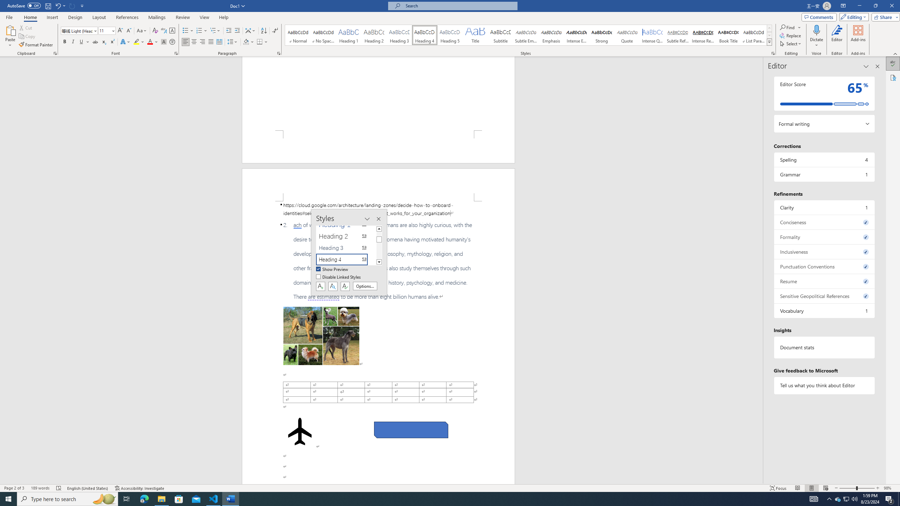  I want to click on 'Font Color', so click(152, 41).